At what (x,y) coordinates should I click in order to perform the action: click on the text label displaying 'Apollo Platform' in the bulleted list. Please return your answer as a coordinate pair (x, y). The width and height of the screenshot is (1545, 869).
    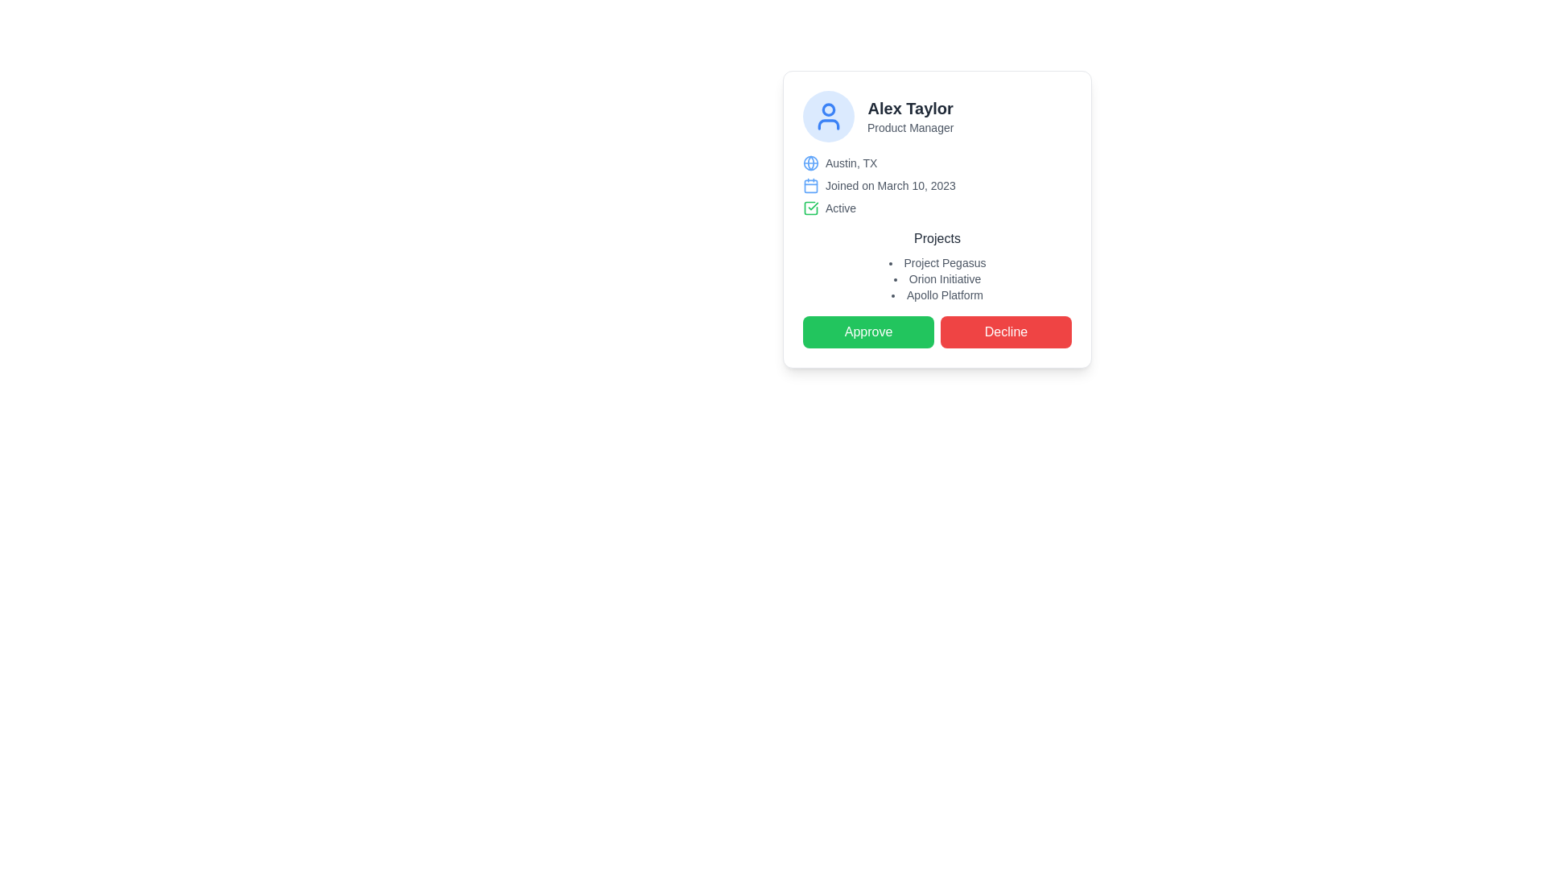
    Looking at the image, I should click on (937, 294).